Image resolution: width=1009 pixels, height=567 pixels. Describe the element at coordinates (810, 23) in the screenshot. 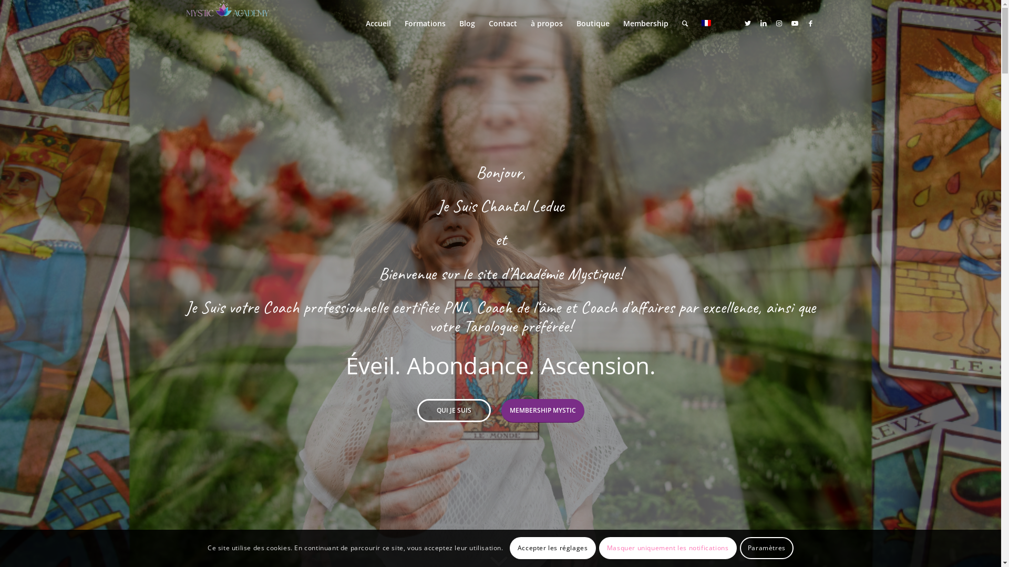

I see `'Facebook'` at that location.